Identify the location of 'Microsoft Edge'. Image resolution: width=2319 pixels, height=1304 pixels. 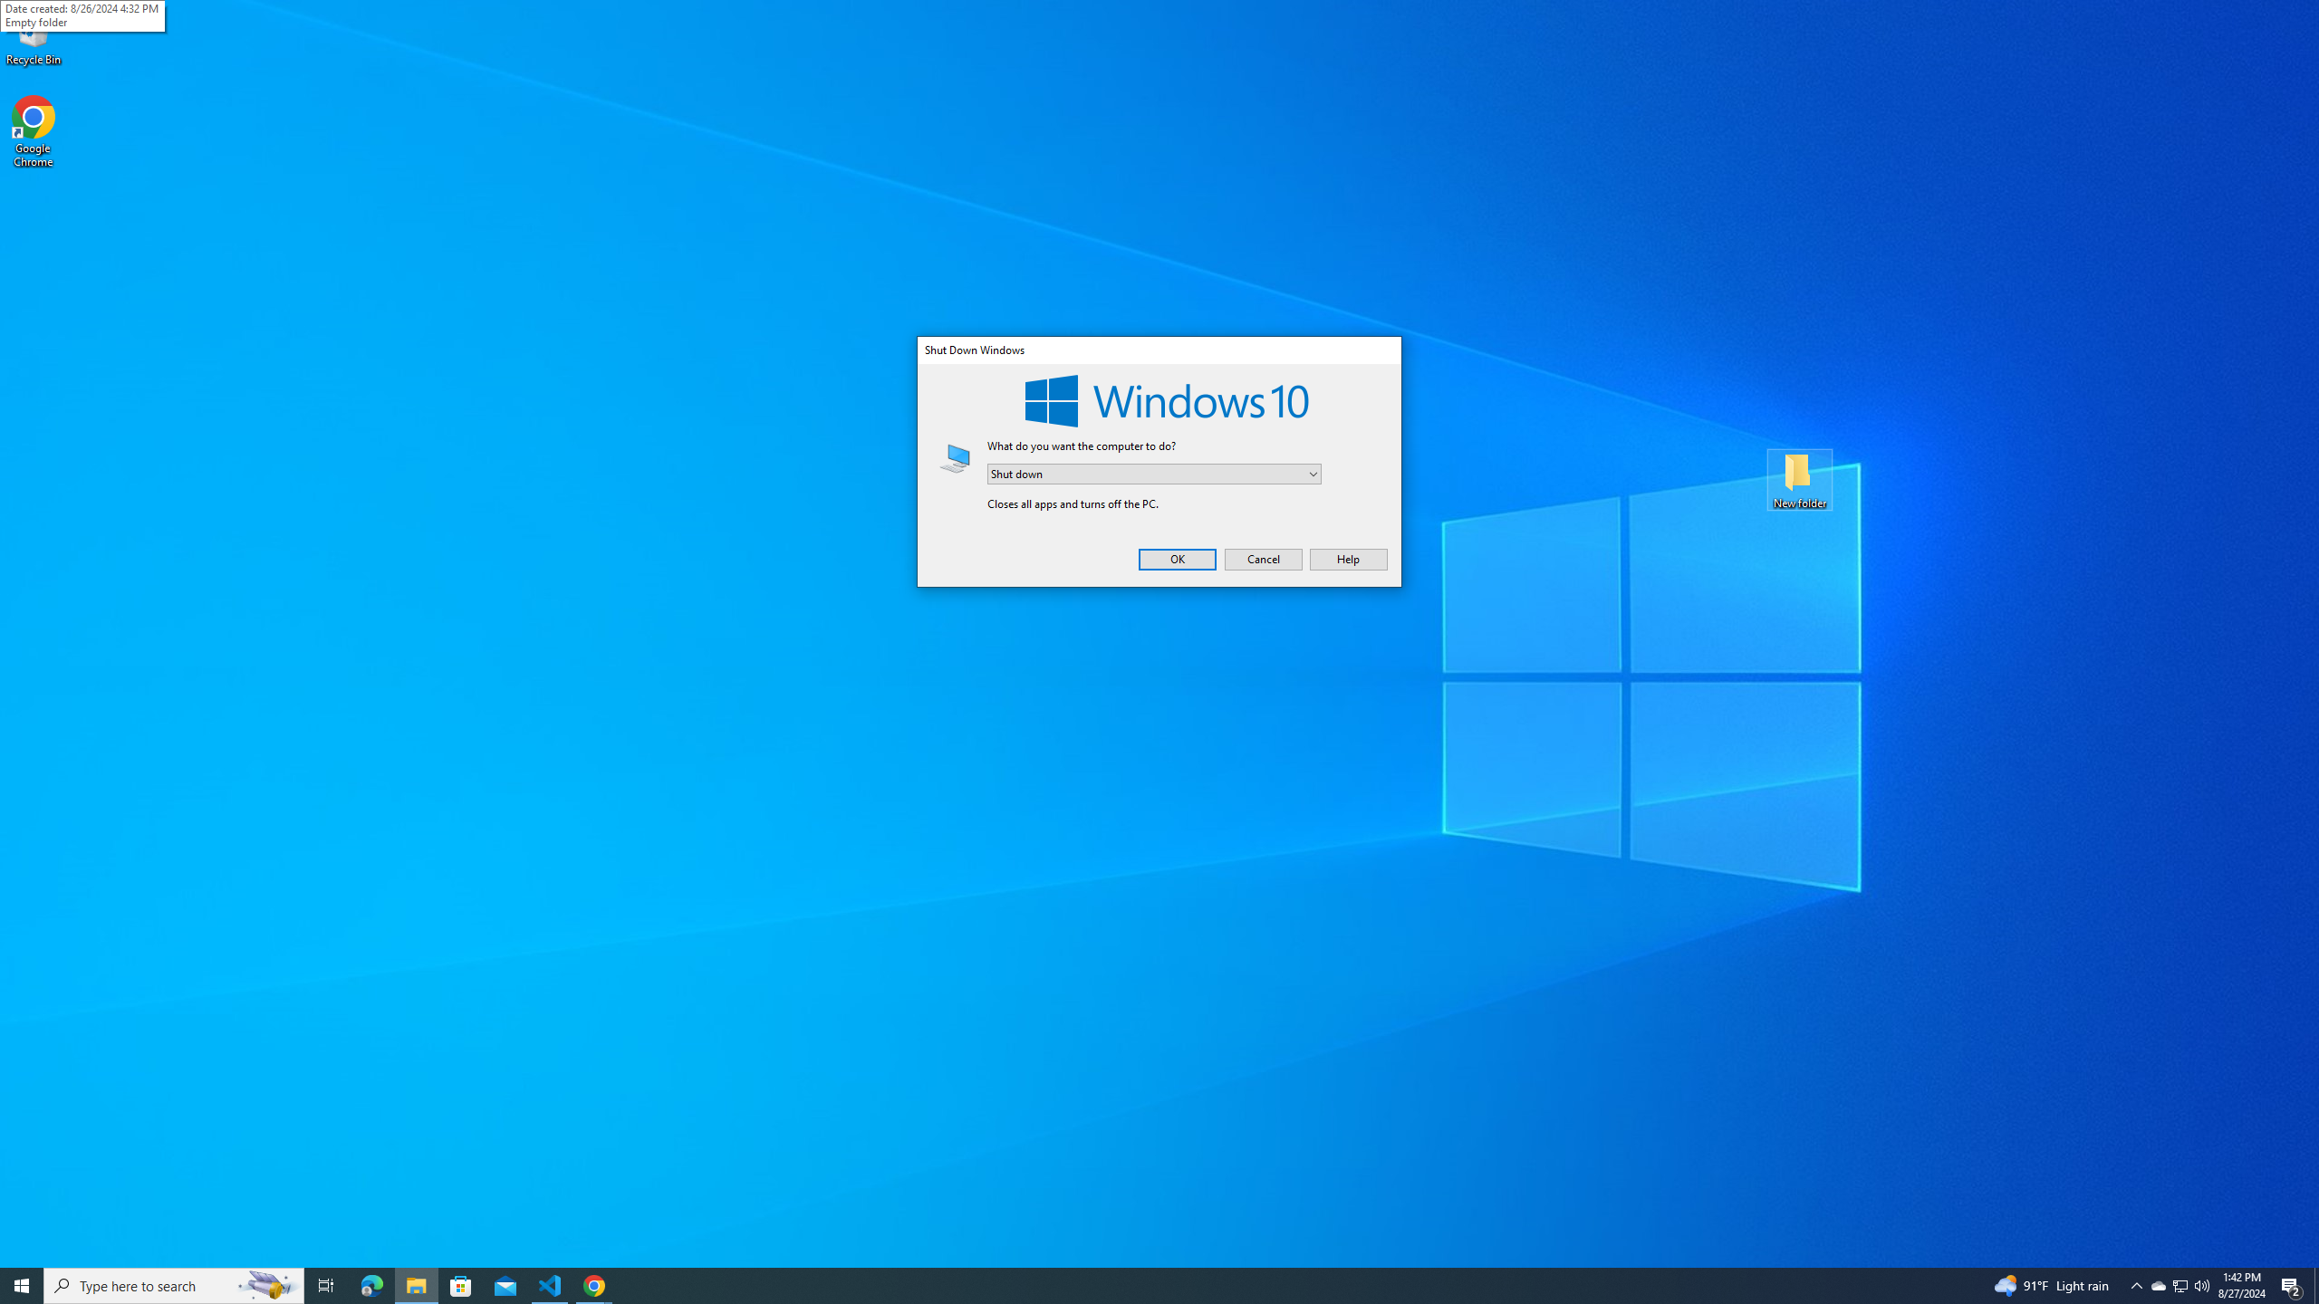
(370, 1284).